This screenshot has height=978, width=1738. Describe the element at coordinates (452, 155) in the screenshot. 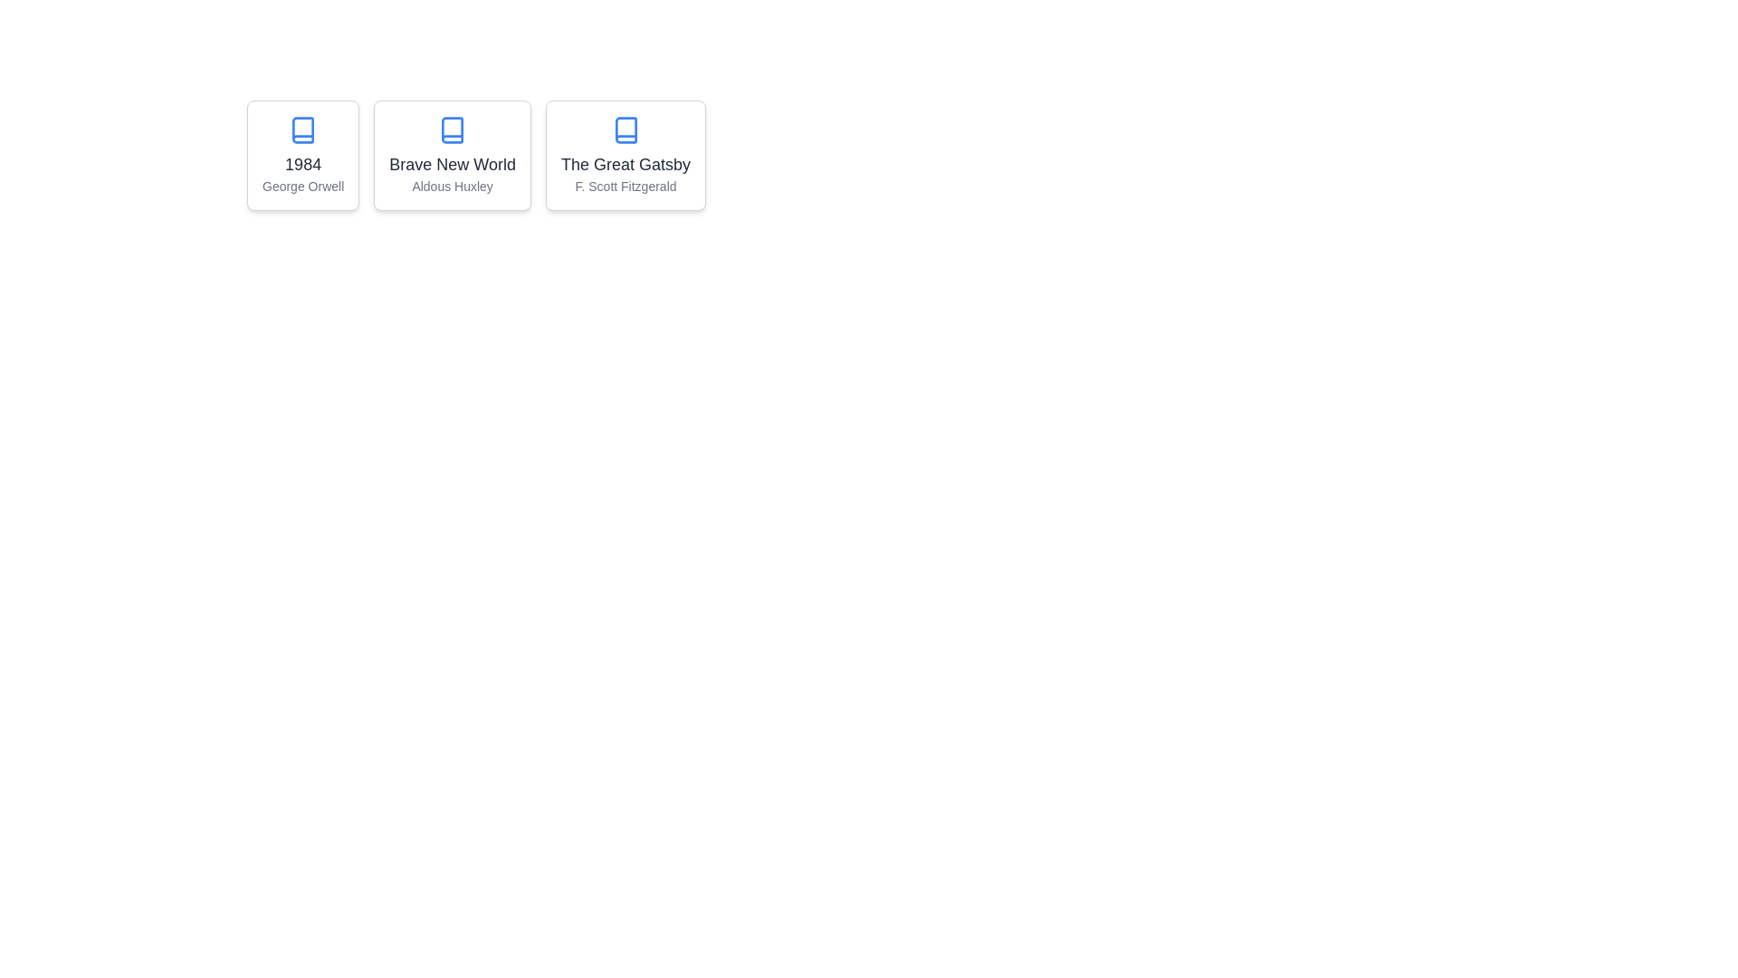

I see `the informational card representing the book 'Brave New World' authored by Aldous Huxley, which is the second card in a horizontal arrangement of three cards` at that location.